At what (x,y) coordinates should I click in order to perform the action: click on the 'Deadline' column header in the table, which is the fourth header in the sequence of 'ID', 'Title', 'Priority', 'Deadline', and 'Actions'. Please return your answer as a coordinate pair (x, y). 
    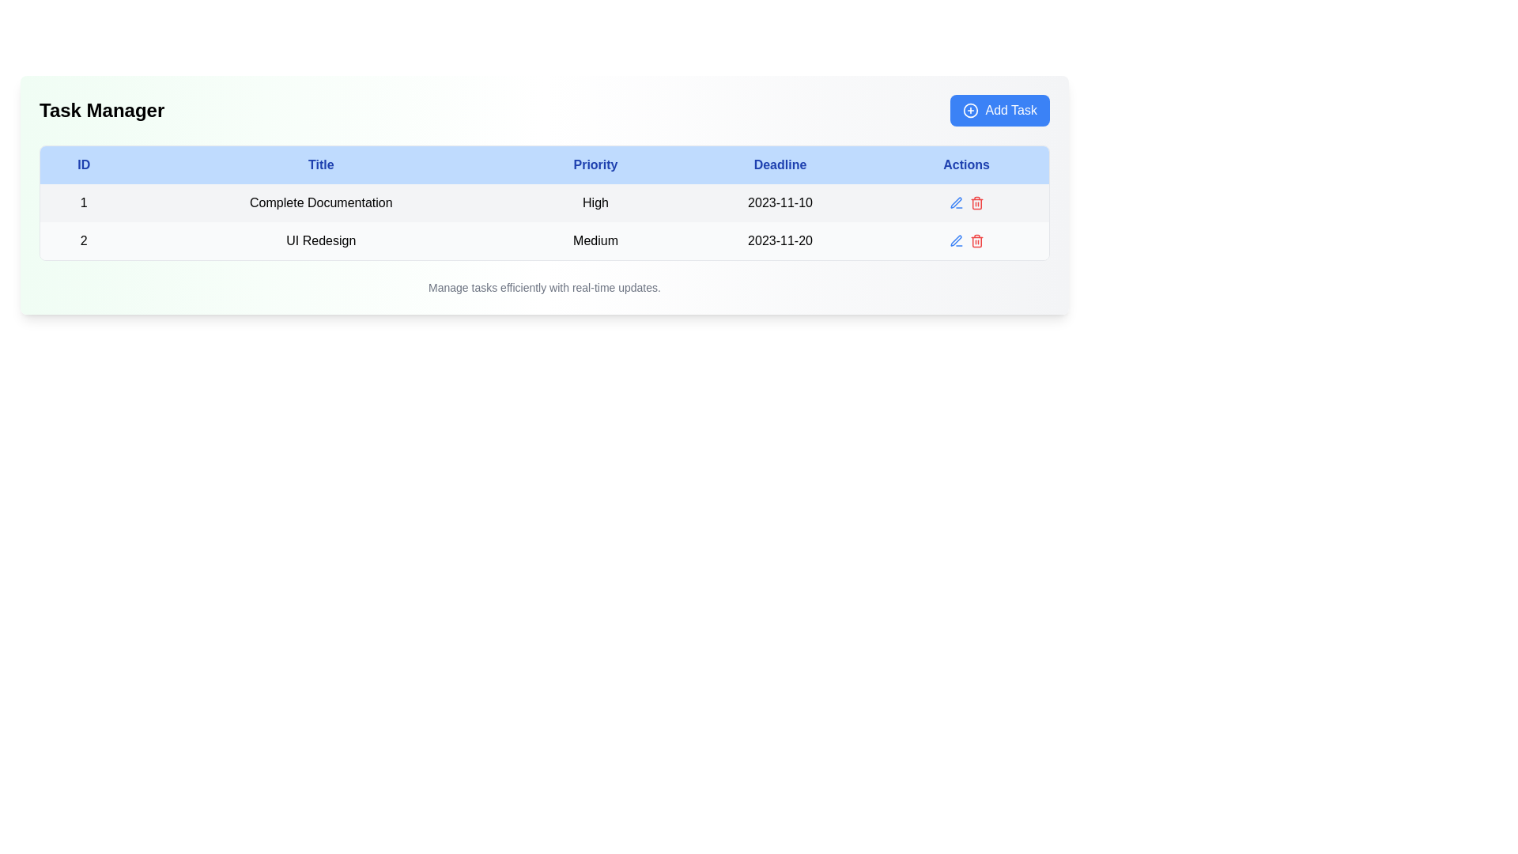
    Looking at the image, I should click on (780, 164).